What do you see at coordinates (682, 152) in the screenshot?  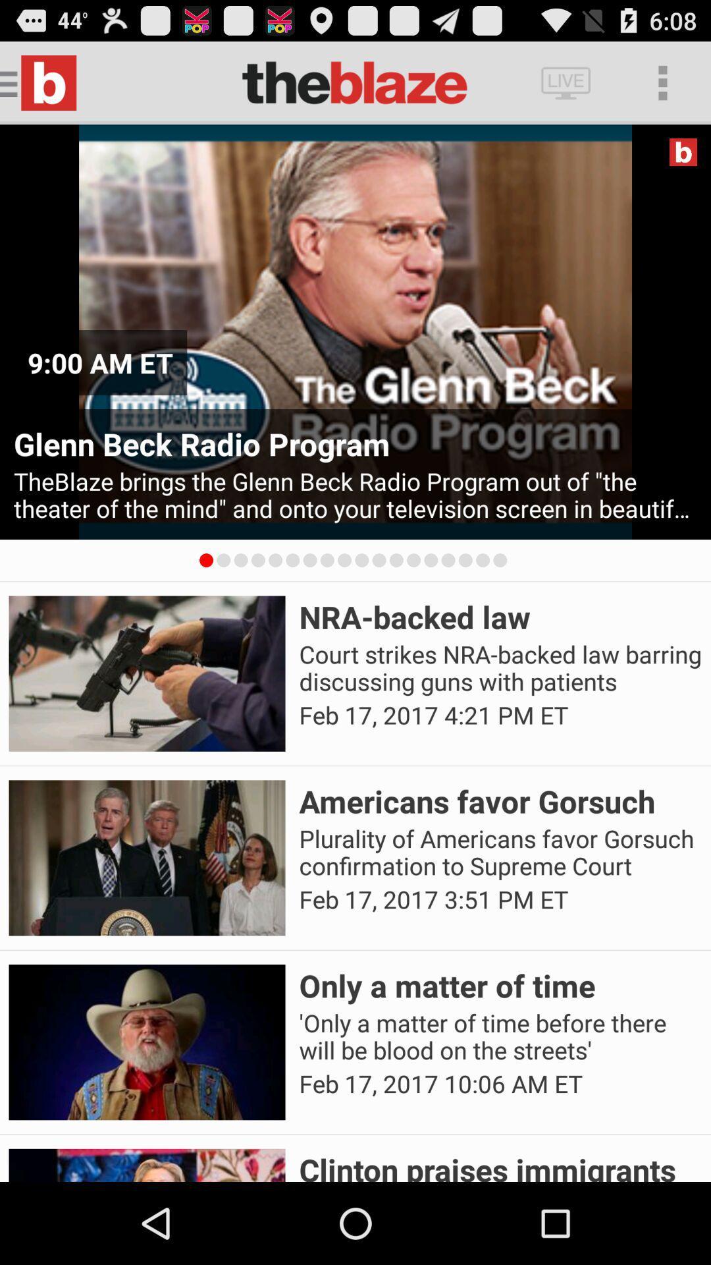 I see `the app above glenn beck radio icon` at bounding box center [682, 152].